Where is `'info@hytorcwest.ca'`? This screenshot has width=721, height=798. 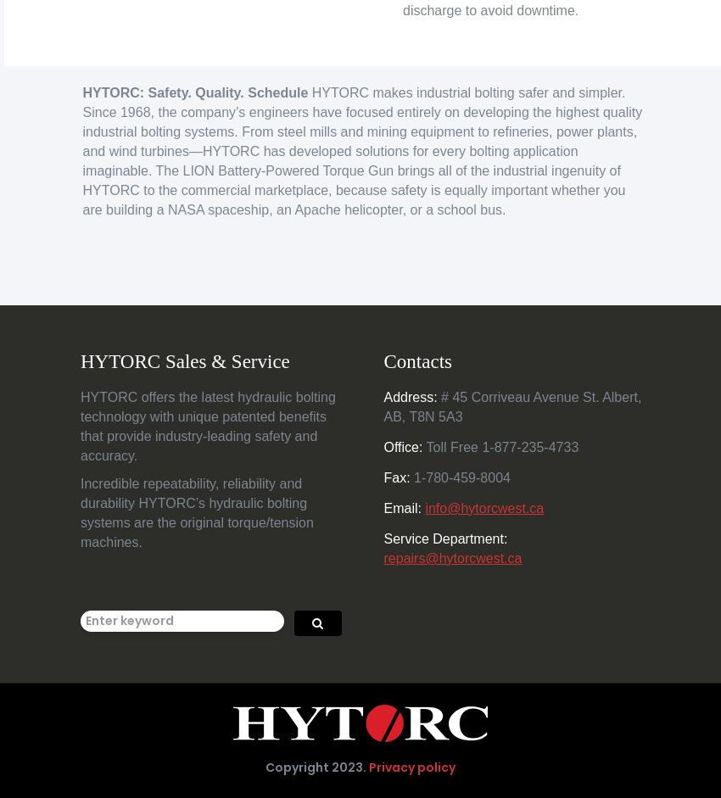
'info@hytorcwest.ca' is located at coordinates (484, 506).